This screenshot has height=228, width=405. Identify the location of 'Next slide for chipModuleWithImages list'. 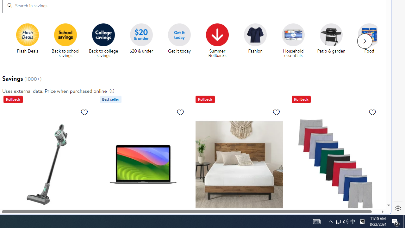
(365, 41).